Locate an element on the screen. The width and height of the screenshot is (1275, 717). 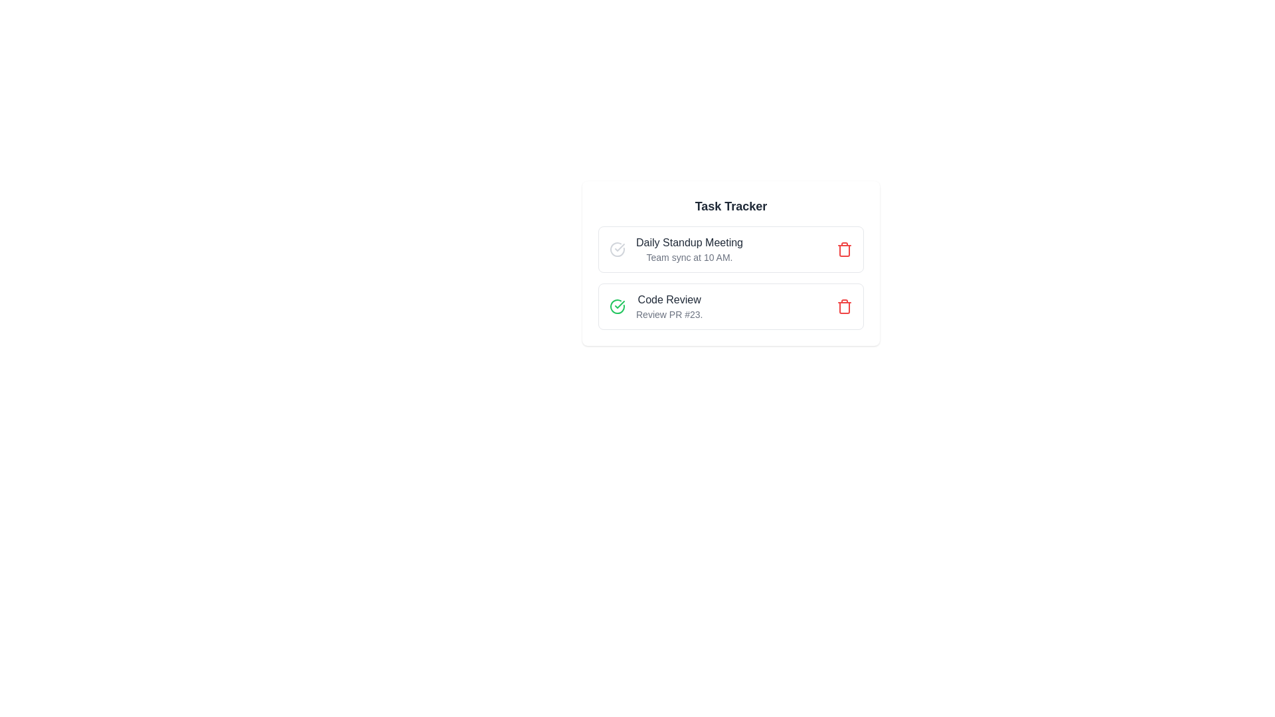
the trash icon corresponding to the task titled 'Code Review' to delete it is located at coordinates (844, 307).